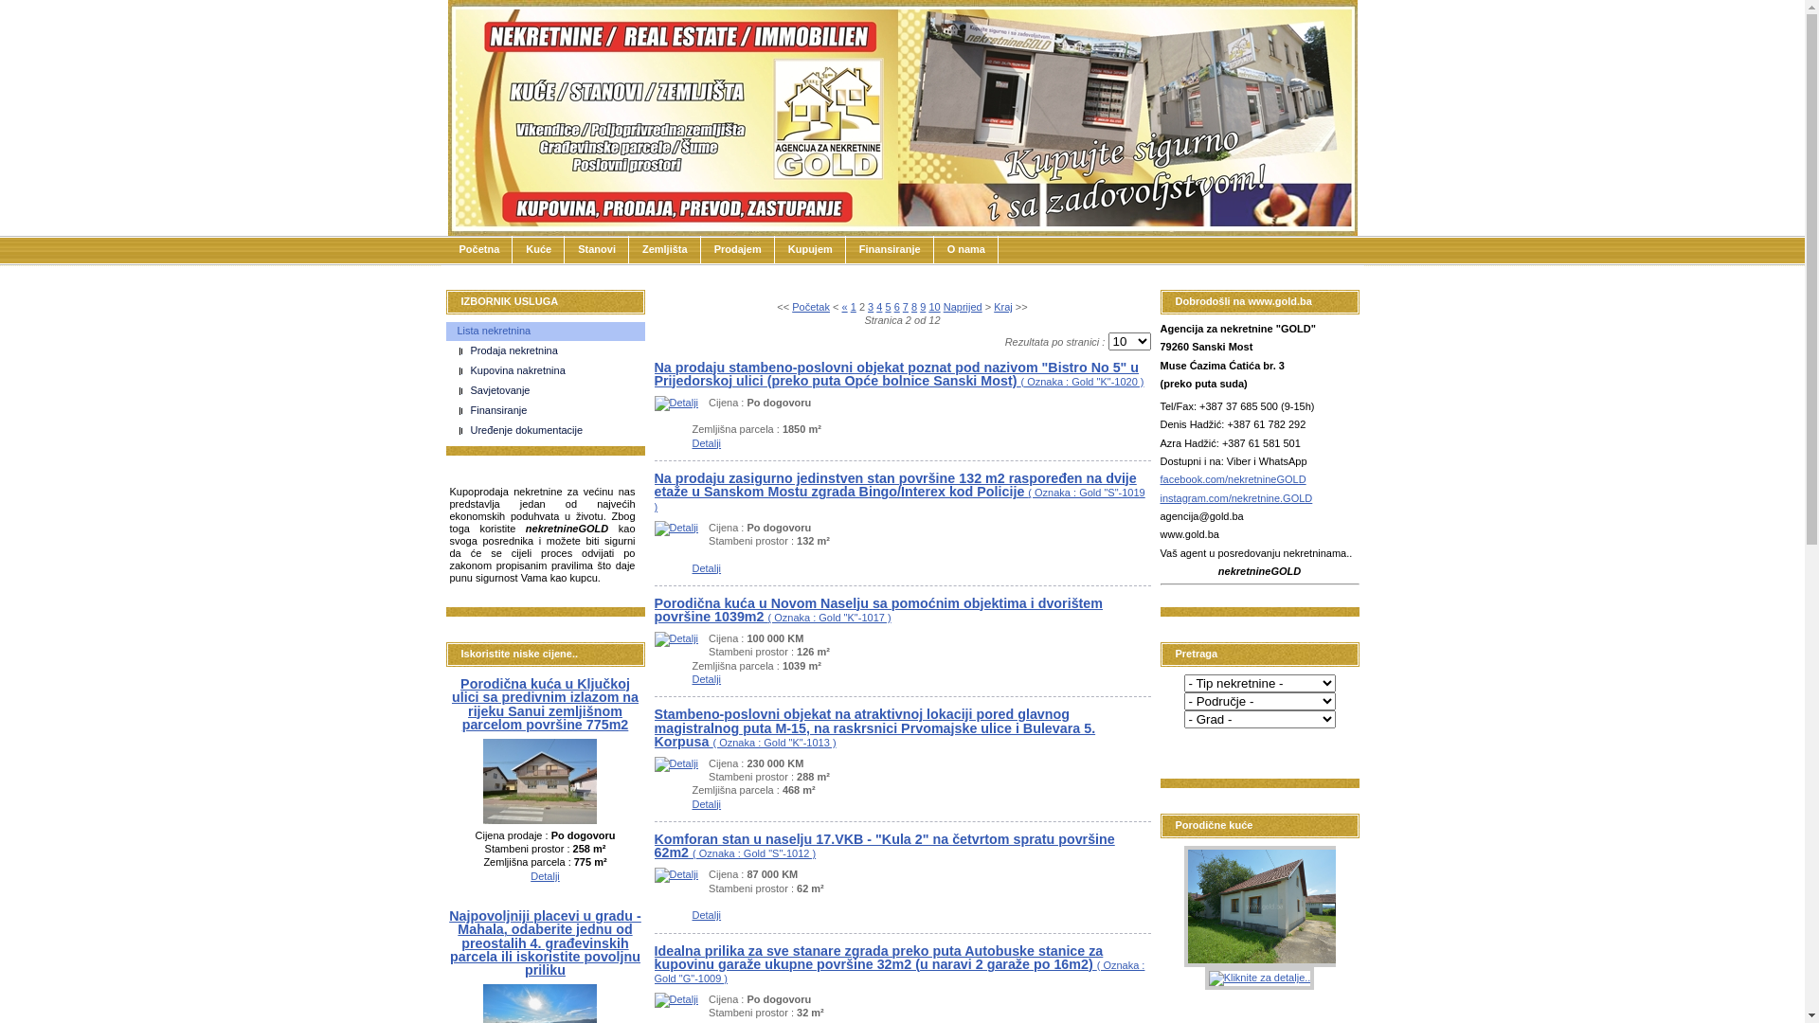 Image resolution: width=1819 pixels, height=1023 pixels. What do you see at coordinates (675, 401) in the screenshot?
I see `'Detalji'` at bounding box center [675, 401].